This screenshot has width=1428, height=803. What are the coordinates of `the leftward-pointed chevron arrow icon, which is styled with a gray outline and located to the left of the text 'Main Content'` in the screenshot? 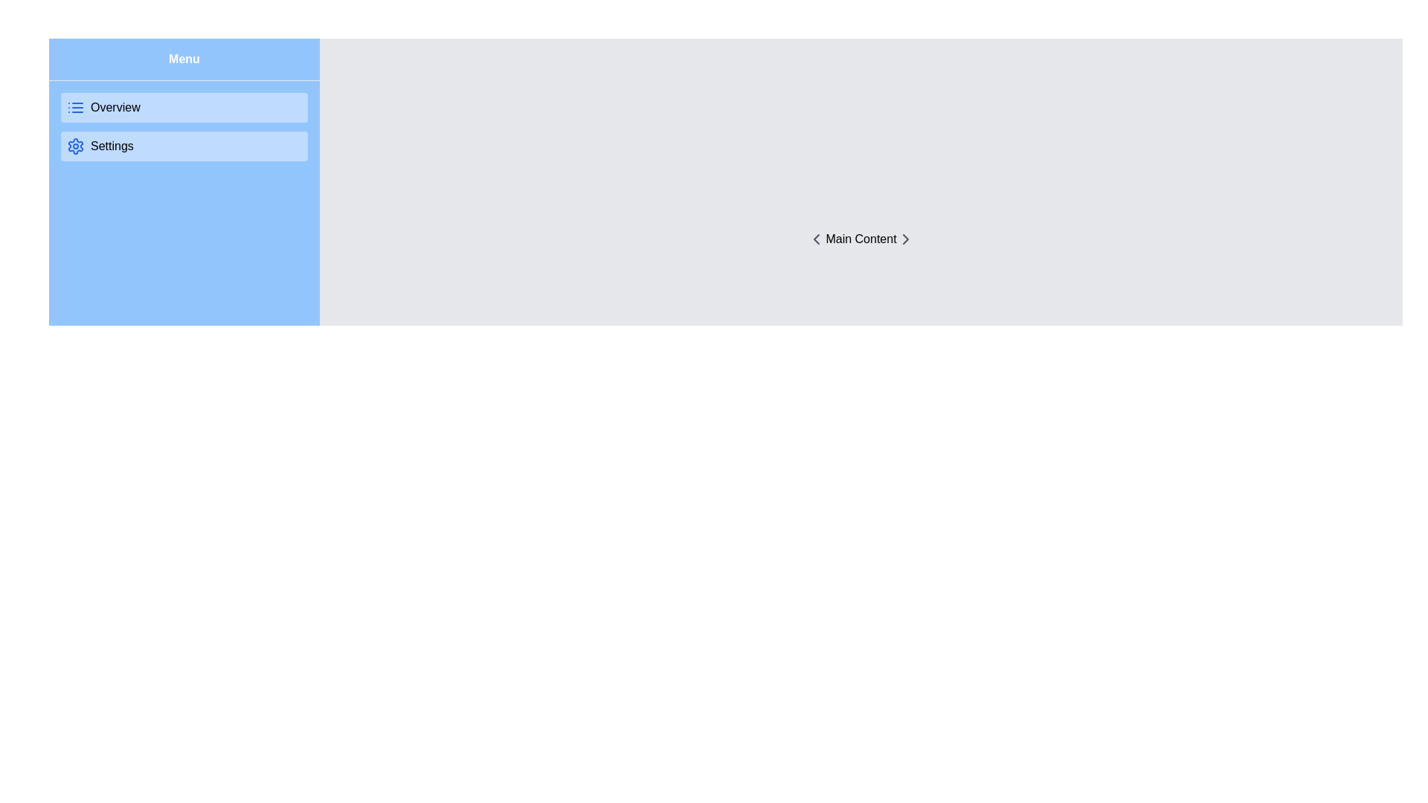 It's located at (816, 238).